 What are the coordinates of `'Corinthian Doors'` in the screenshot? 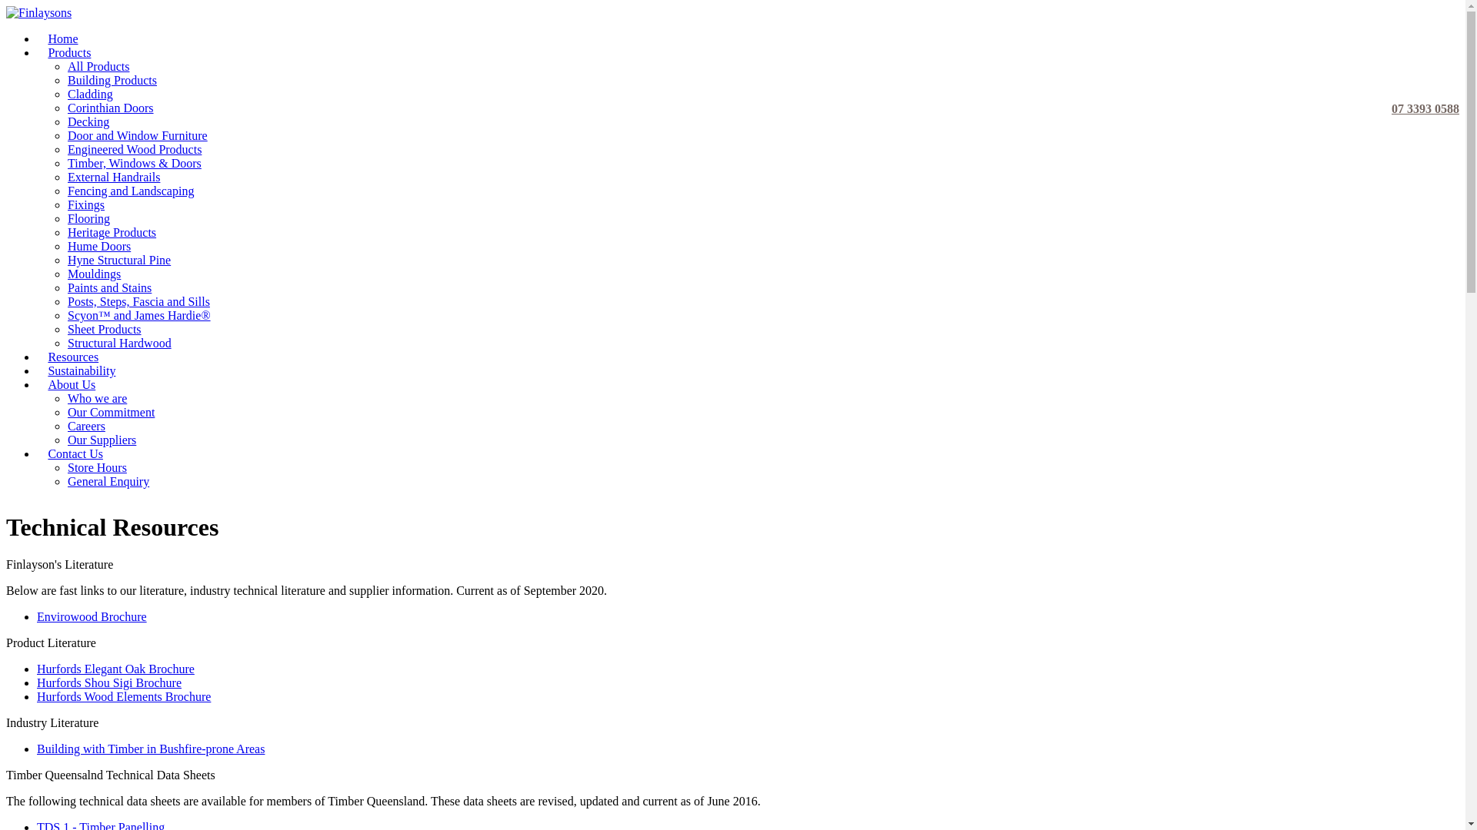 It's located at (66, 107).